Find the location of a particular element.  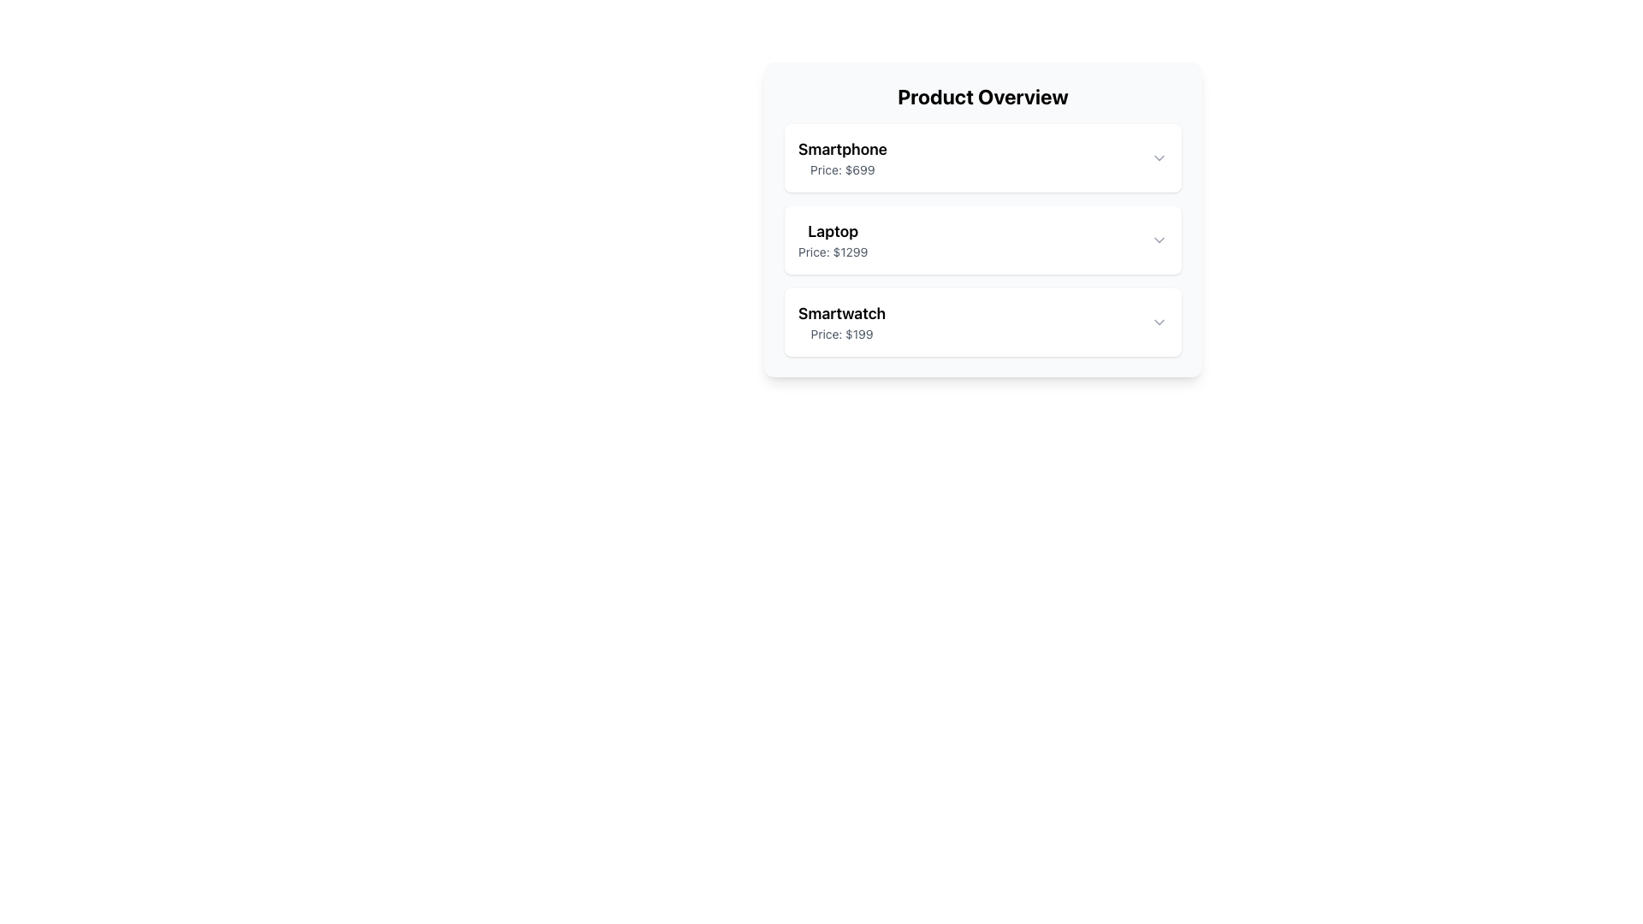

the Dropdown Trigger Icon for the 'Smartphone' priced at $699 to change its color is located at coordinates (1159, 158).